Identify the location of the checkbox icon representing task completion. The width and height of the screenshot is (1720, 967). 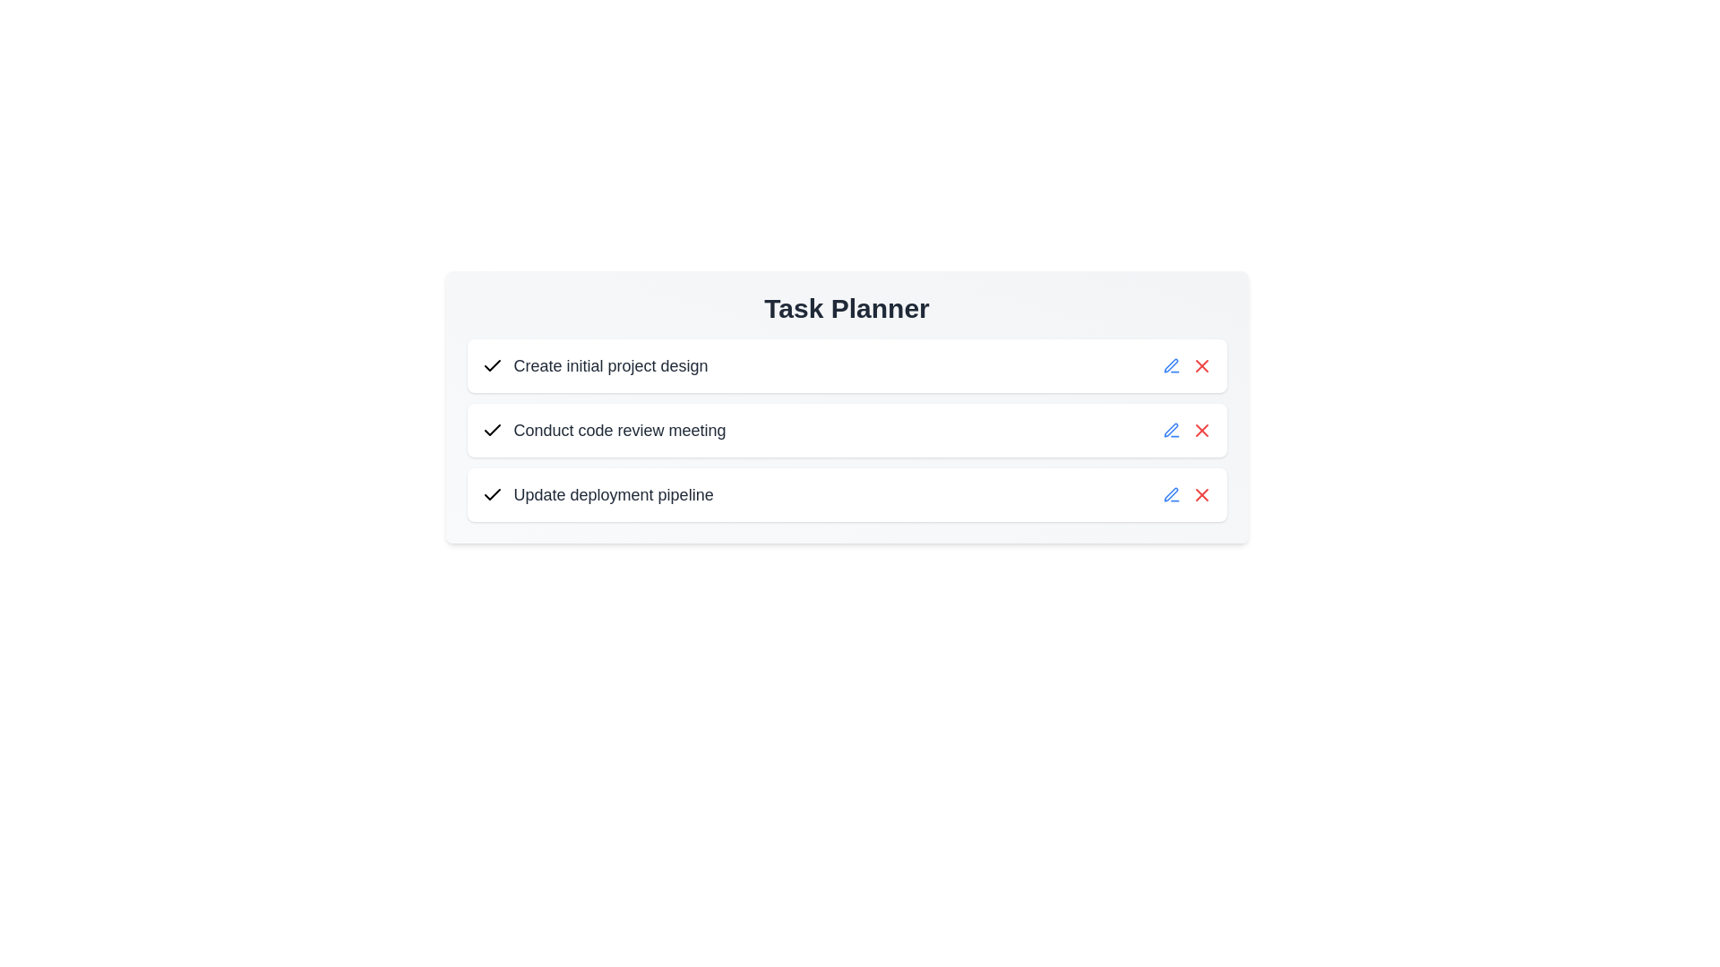
(492, 431).